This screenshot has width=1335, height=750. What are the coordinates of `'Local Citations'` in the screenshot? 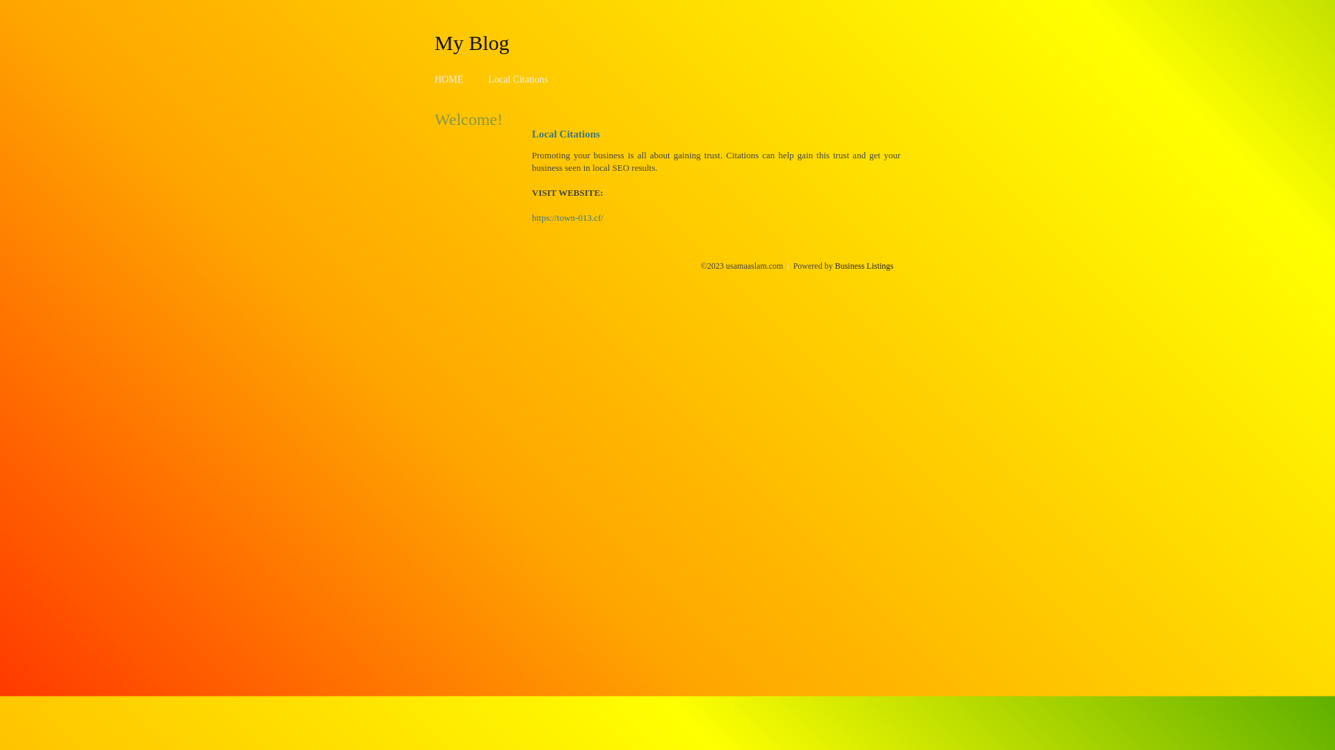 It's located at (487, 79).